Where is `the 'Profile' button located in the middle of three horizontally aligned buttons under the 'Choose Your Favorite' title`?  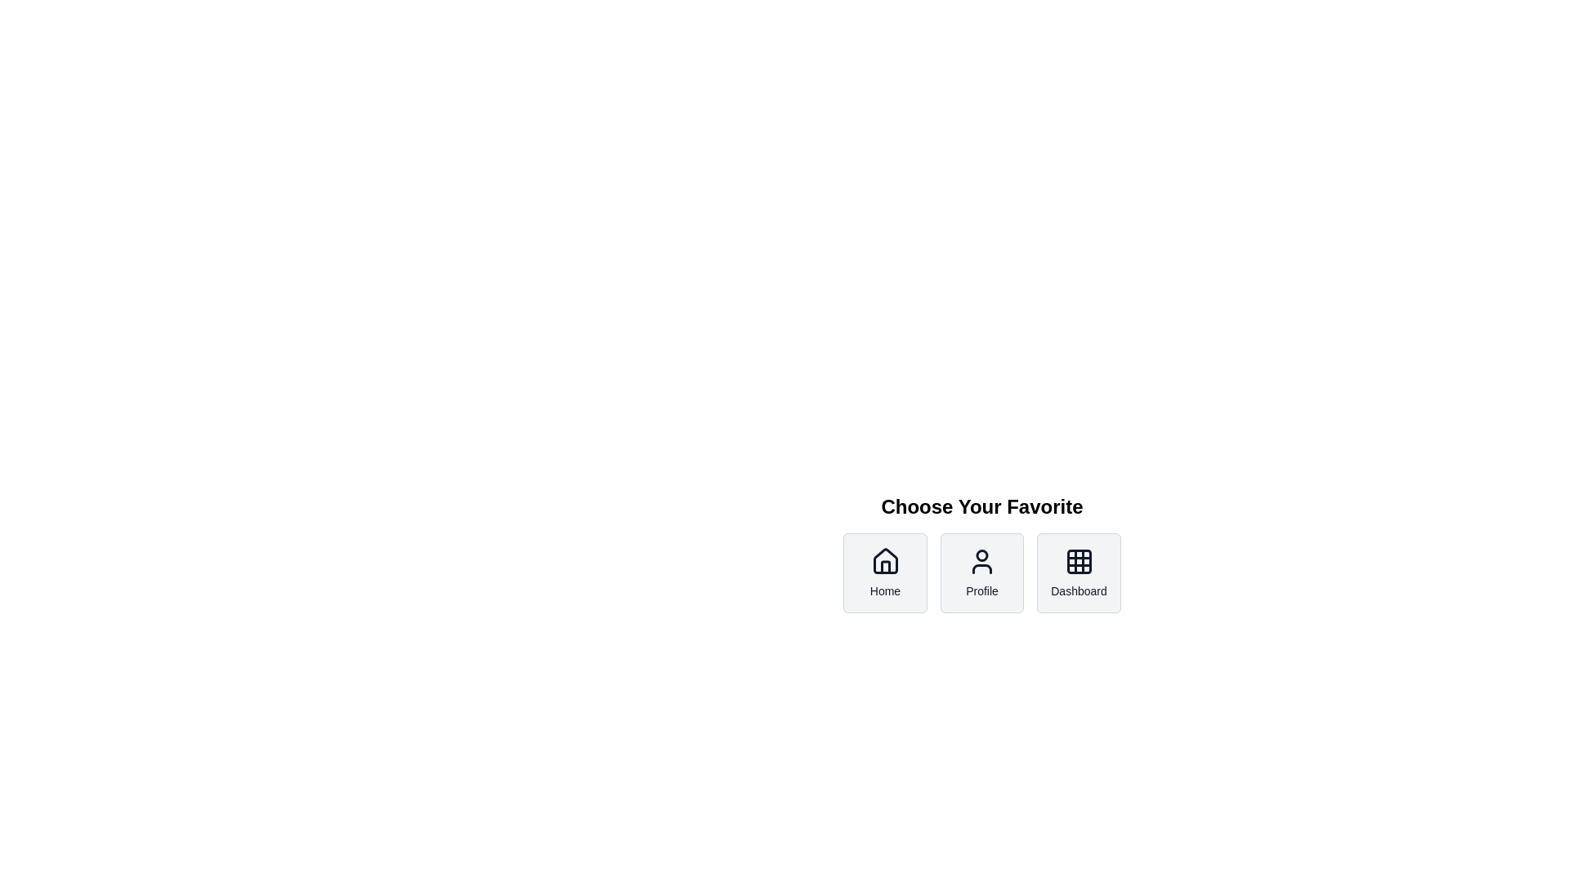 the 'Profile' button located in the middle of three horizontally aligned buttons under the 'Choose Your Favorite' title is located at coordinates (981, 572).